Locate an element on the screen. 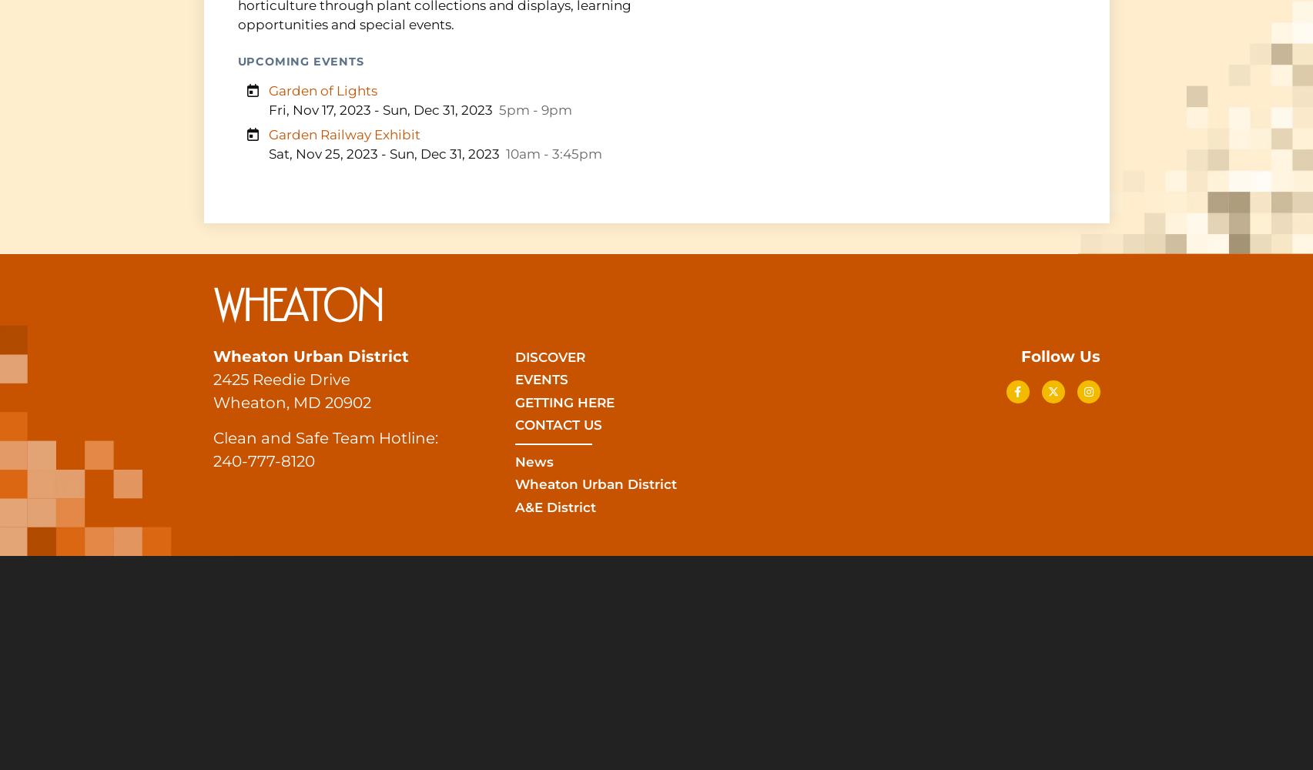 Image resolution: width=1313 pixels, height=770 pixels. 'Clean and Safe Team Hotline:' is located at coordinates (213, 437).